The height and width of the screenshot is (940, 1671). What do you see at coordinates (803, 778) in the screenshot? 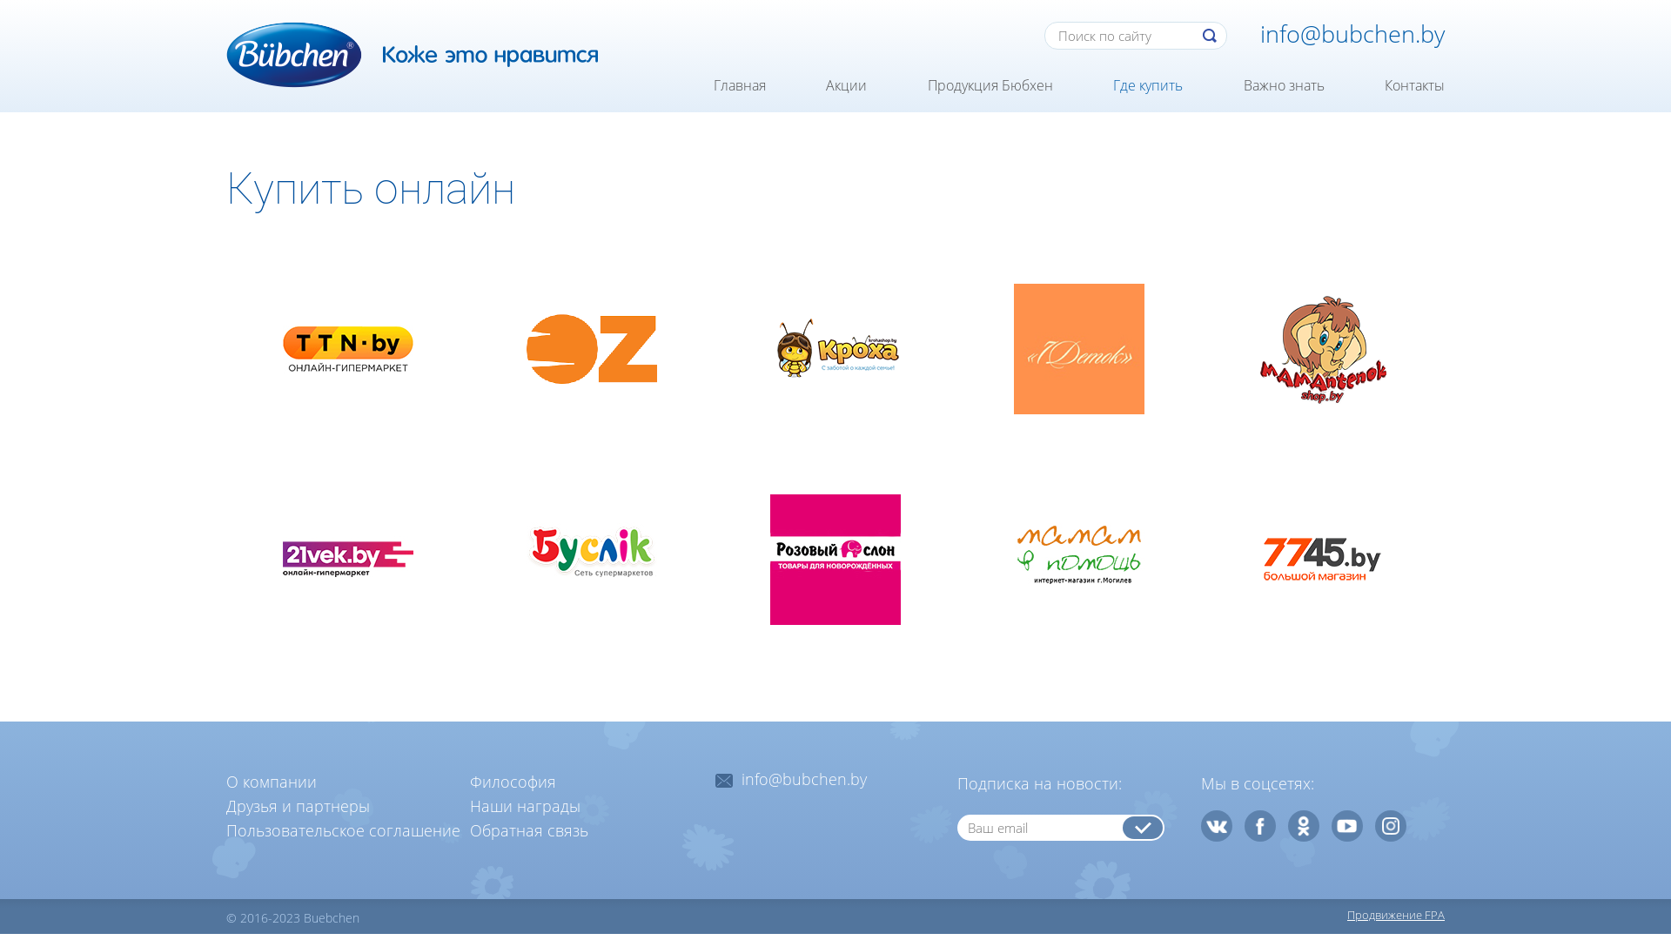
I see `'info@bubchen.by'` at bounding box center [803, 778].